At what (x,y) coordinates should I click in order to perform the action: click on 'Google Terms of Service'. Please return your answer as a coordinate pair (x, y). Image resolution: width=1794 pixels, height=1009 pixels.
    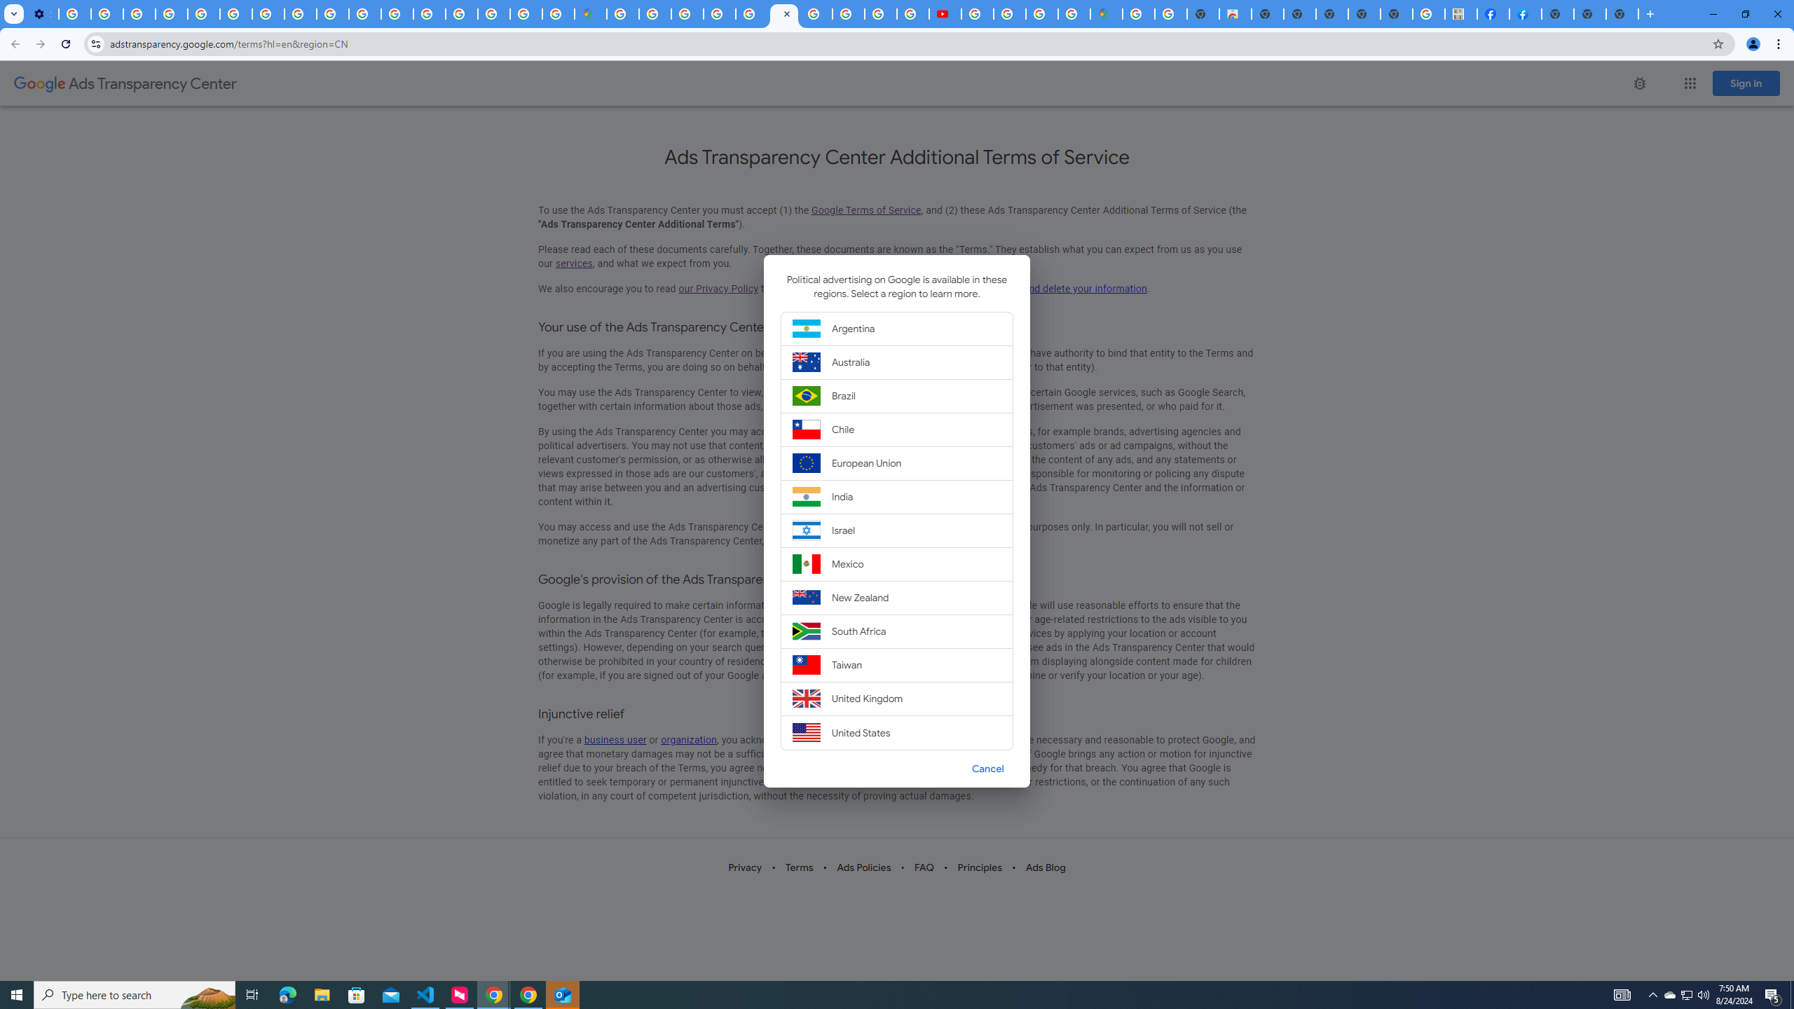
    Looking at the image, I should click on (865, 210).